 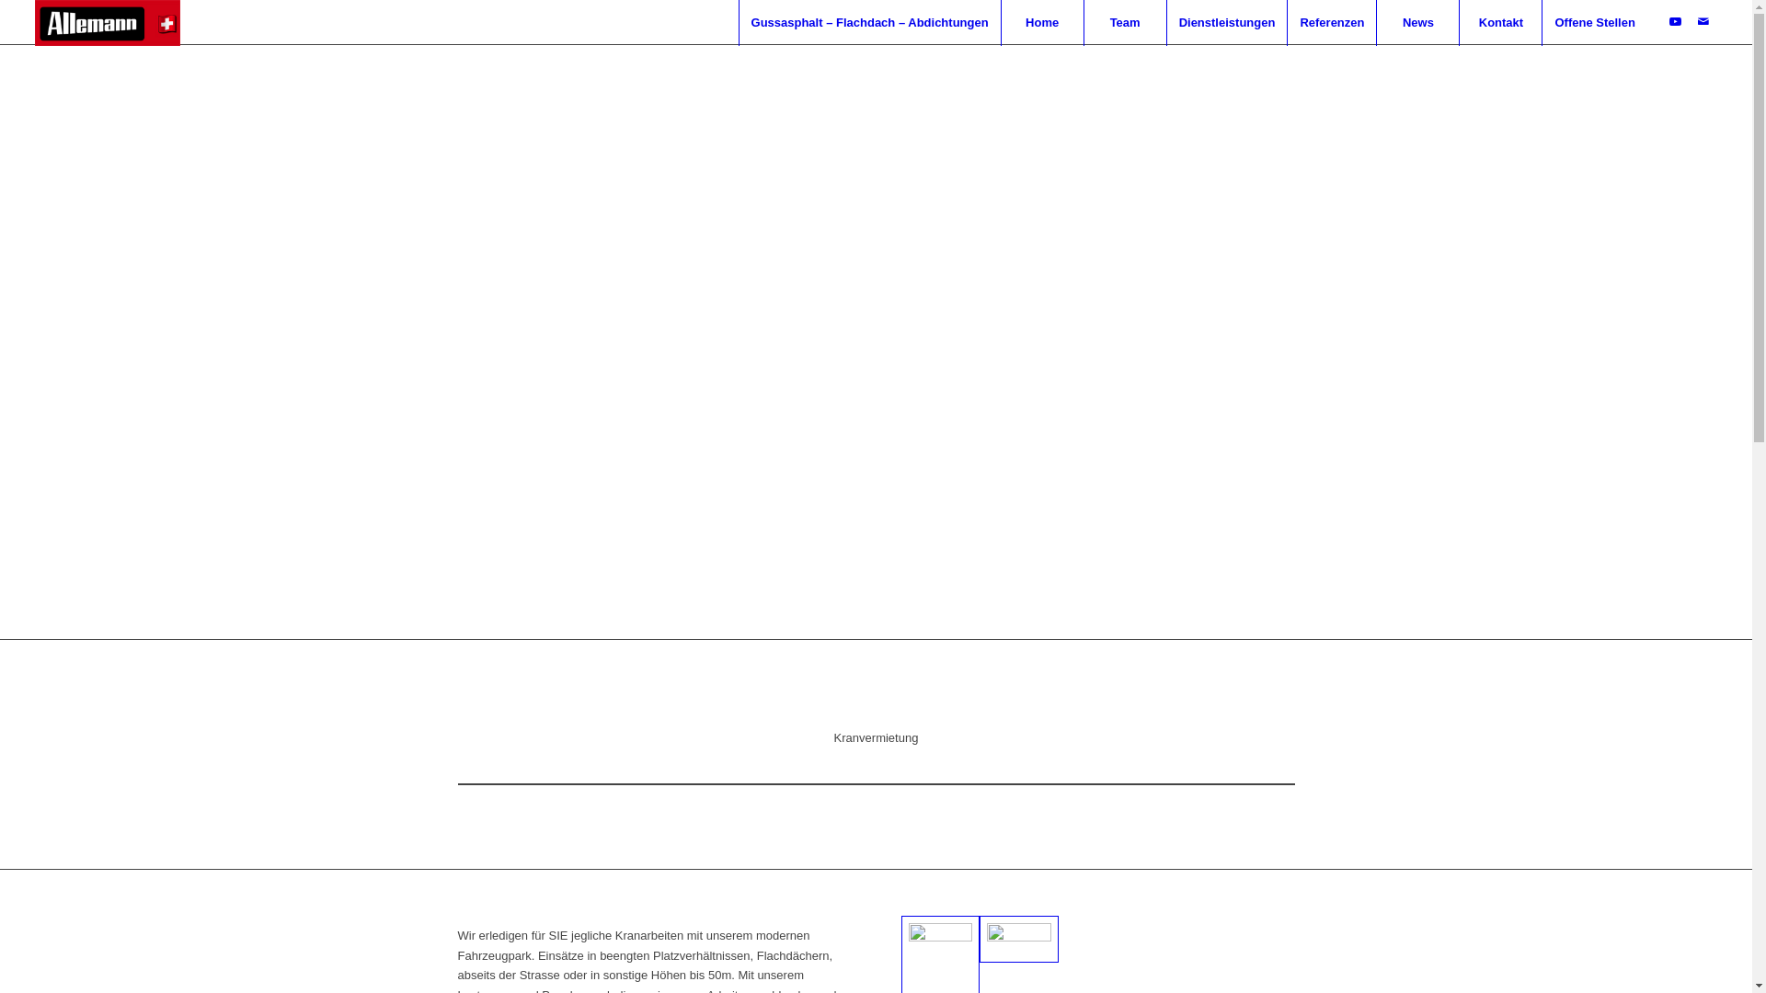 I want to click on 'Home', so click(x=1041, y=22).